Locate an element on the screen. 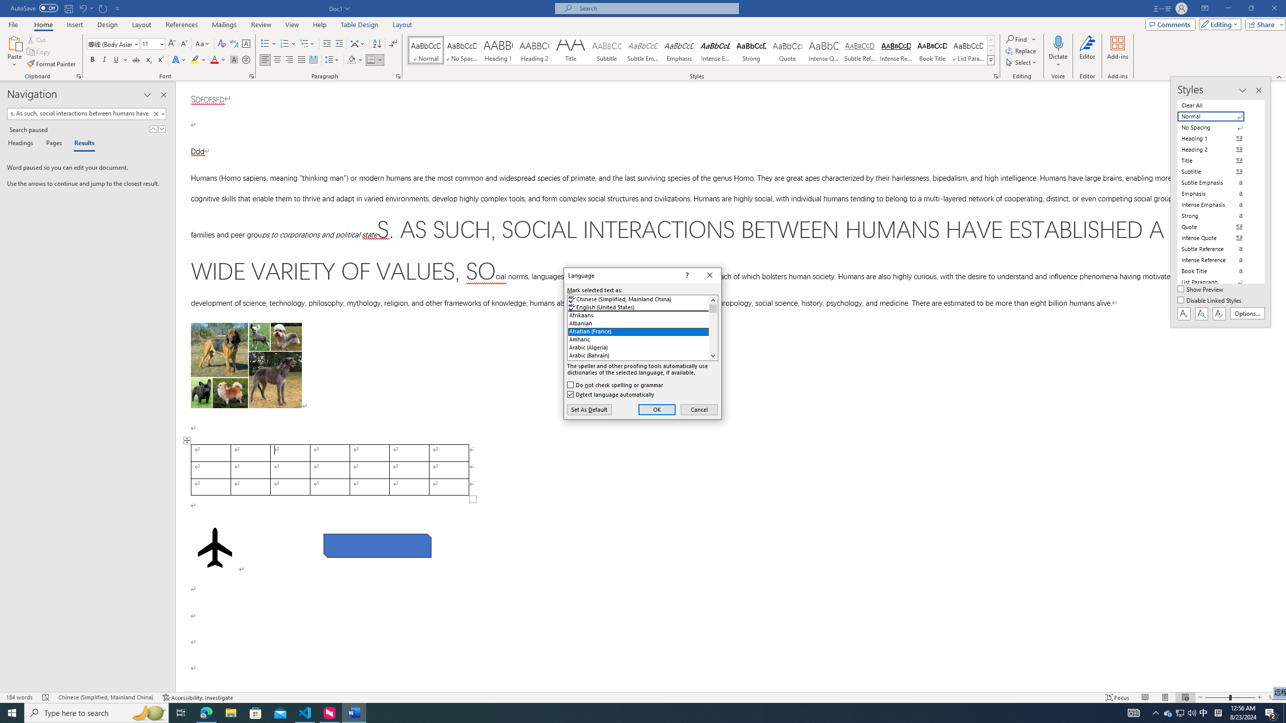 The image size is (1286, 723). 'Class: NetUIButton' is located at coordinates (1218, 313).